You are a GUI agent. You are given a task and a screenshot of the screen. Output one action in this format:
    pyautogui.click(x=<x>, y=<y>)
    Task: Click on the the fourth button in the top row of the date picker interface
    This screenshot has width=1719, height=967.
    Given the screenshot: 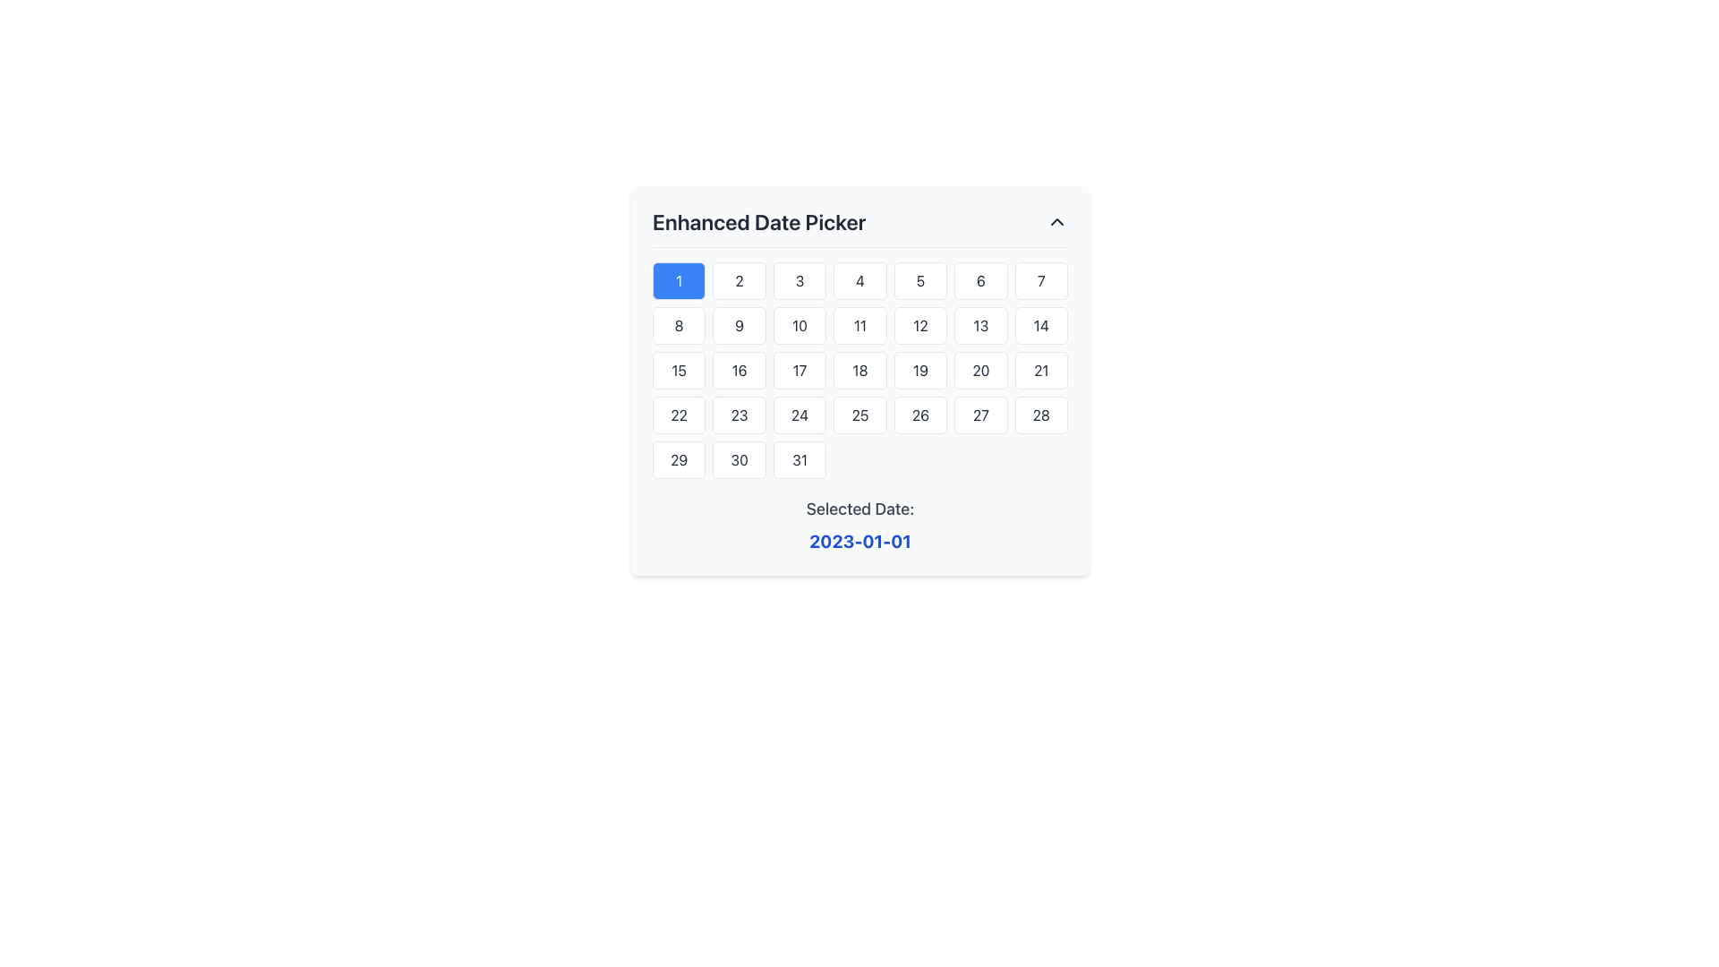 What is the action you would take?
    pyautogui.click(x=859, y=280)
    